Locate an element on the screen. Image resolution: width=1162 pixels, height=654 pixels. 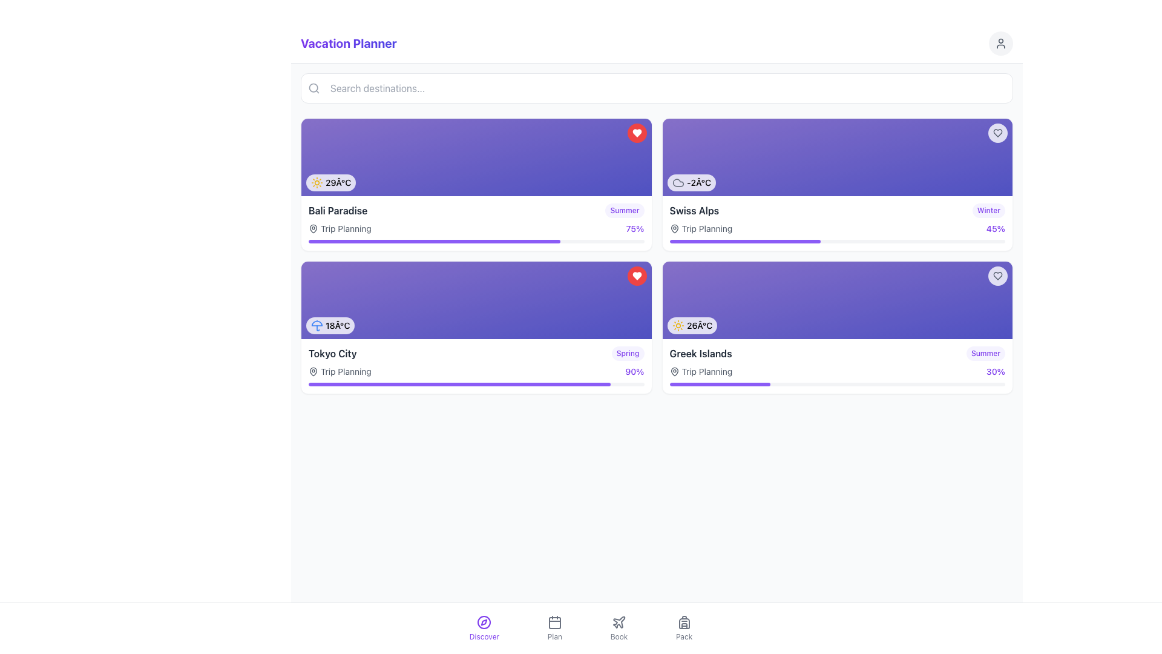
the calendar icon in the 'Plan' tab of the bottom navigation menu to receive interactive feedback is located at coordinates (554, 623).